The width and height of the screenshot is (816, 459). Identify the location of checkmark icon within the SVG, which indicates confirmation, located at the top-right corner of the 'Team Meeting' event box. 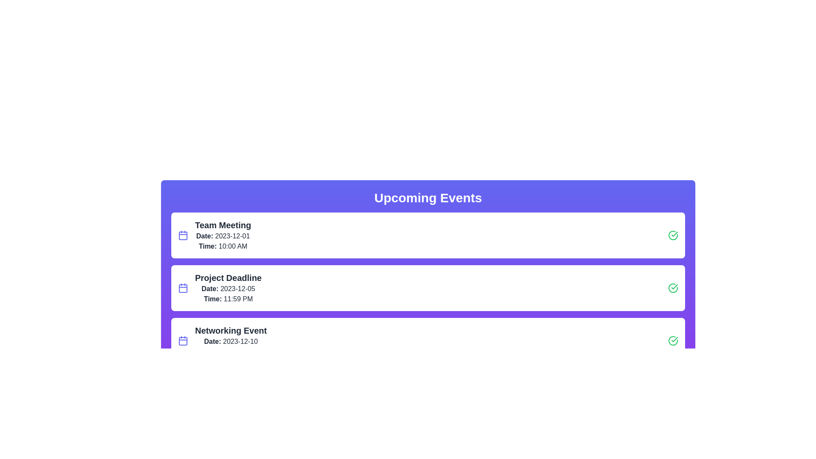
(674, 287).